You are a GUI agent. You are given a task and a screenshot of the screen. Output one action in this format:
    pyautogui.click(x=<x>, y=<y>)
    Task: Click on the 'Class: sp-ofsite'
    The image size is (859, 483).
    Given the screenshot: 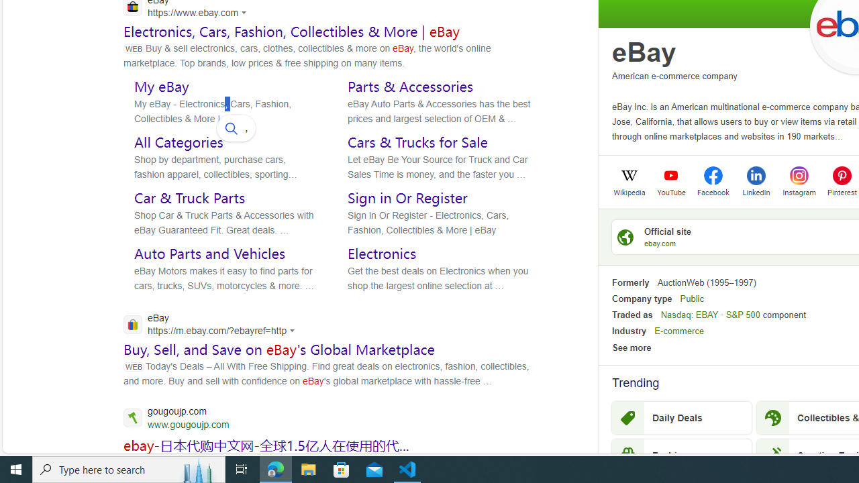 What is the action you would take?
    pyautogui.click(x=625, y=236)
    